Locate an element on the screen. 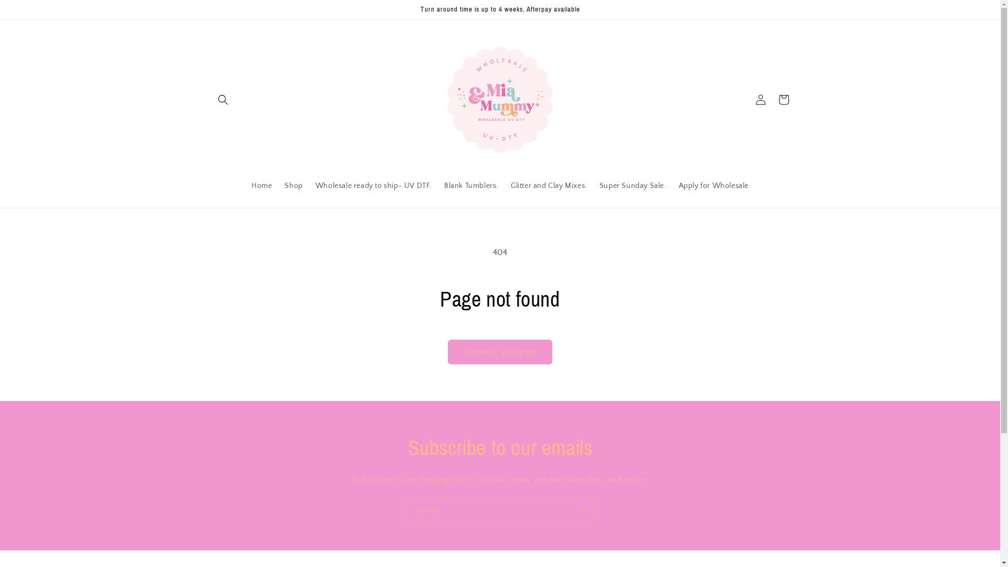 This screenshot has height=567, width=1008. 'Home' is located at coordinates (261, 185).